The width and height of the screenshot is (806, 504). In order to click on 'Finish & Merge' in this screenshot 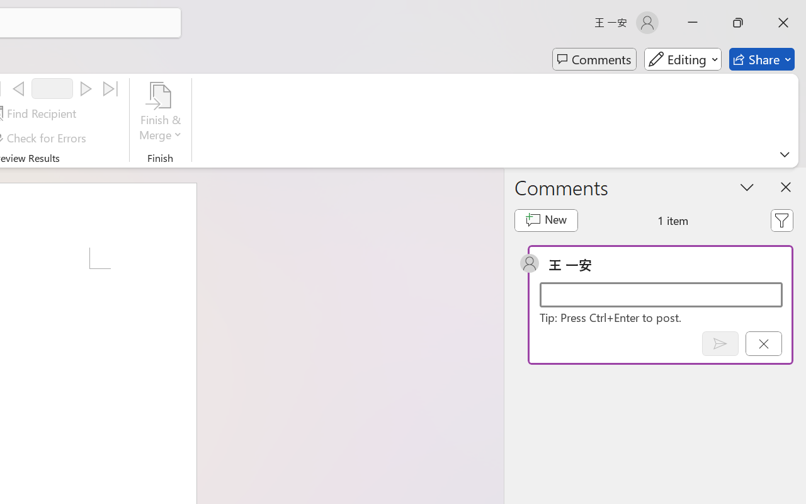, I will do `click(160, 113)`.